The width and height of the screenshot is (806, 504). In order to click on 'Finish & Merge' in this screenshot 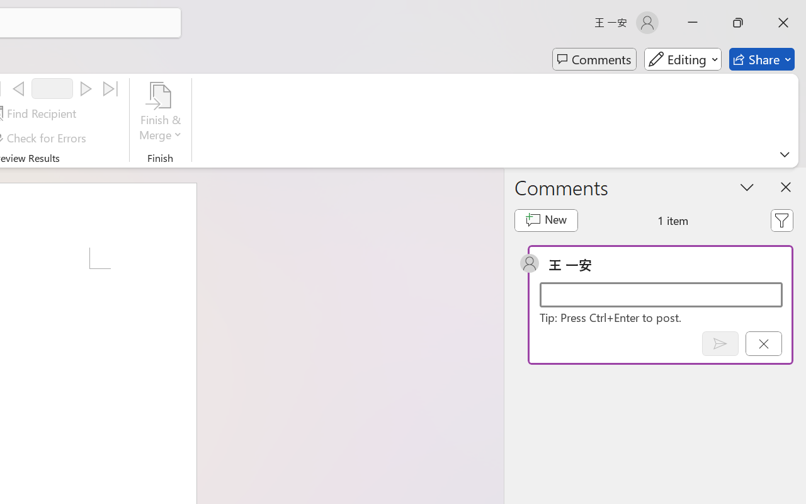, I will do `click(160, 113)`.